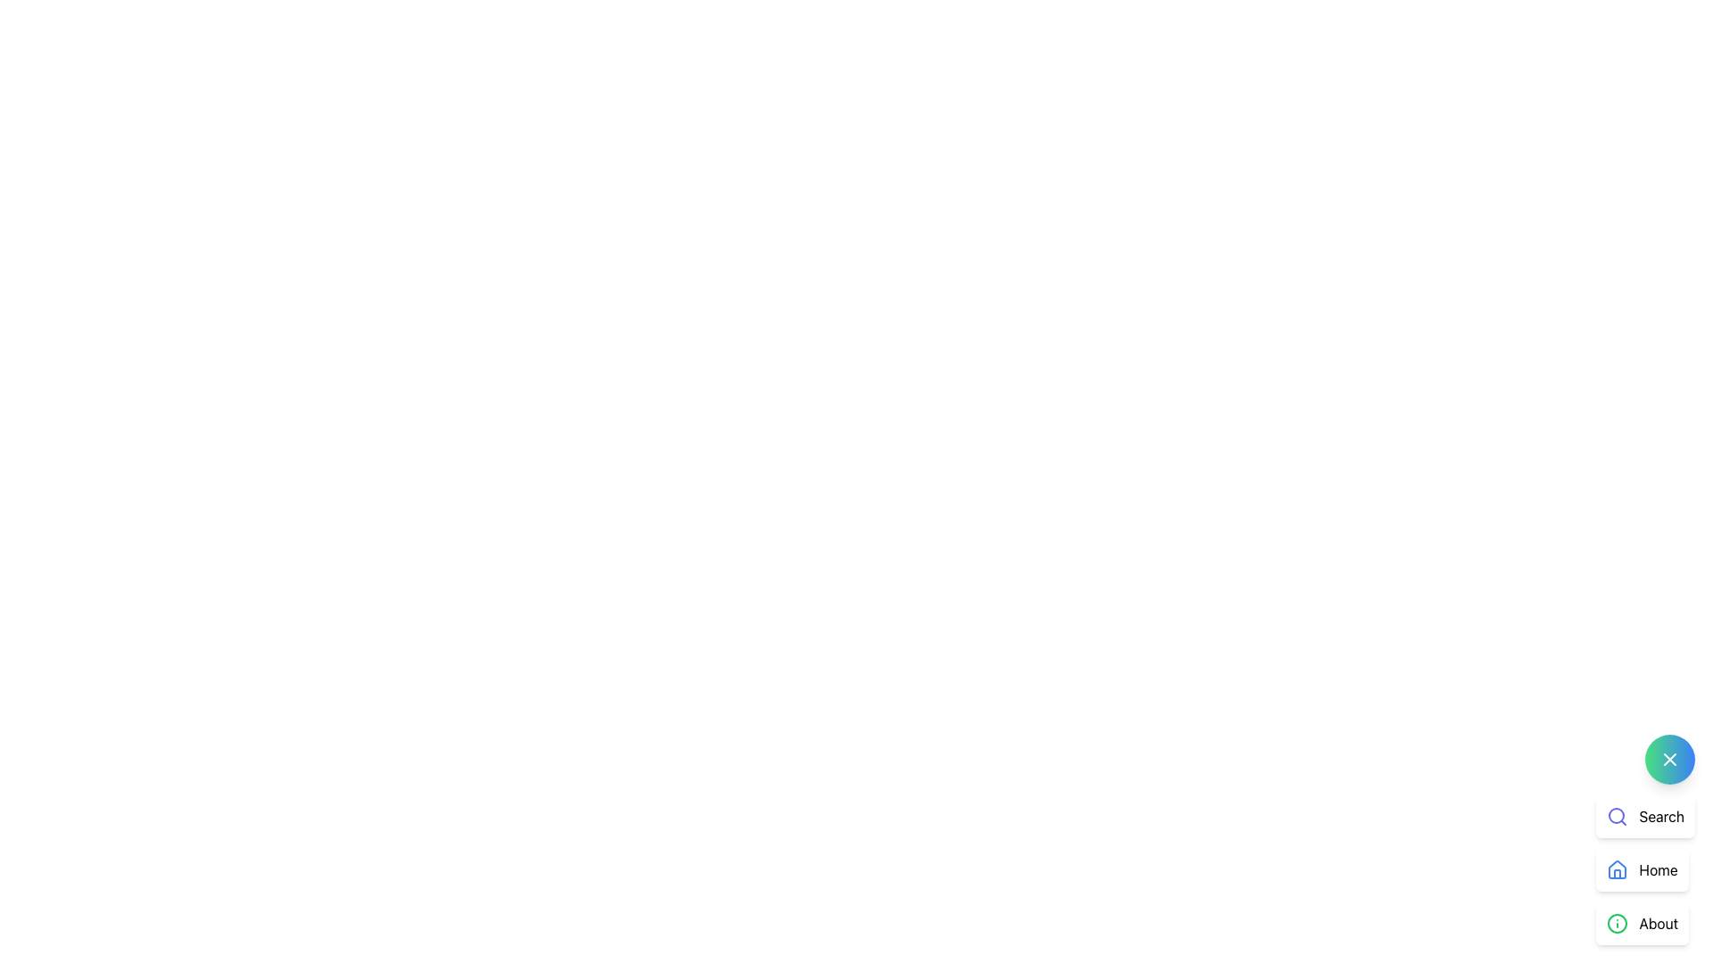 The image size is (1713, 963). Describe the element at coordinates (1644, 816) in the screenshot. I see `the topmost button in the vertical stack located in the bottom-right corner of the interface, which has a white background, rounded corners, and a search icon next to the text 'Search', to observe the hover effect` at that location.